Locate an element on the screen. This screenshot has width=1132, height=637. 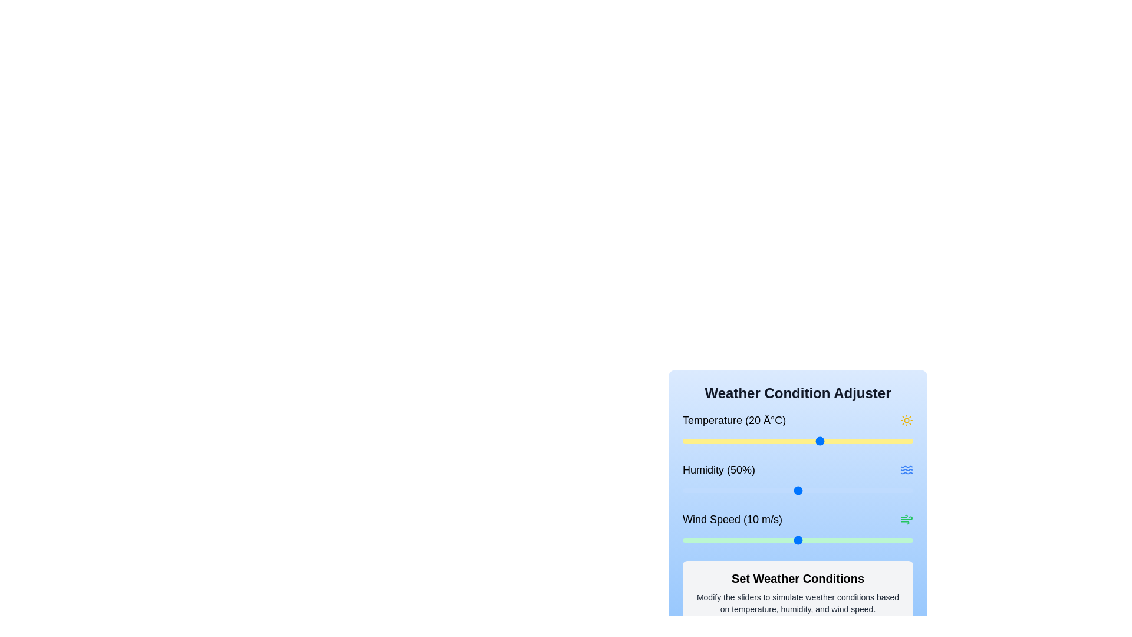
the humidity slider to set the humidity to 77% is located at coordinates (860, 491).